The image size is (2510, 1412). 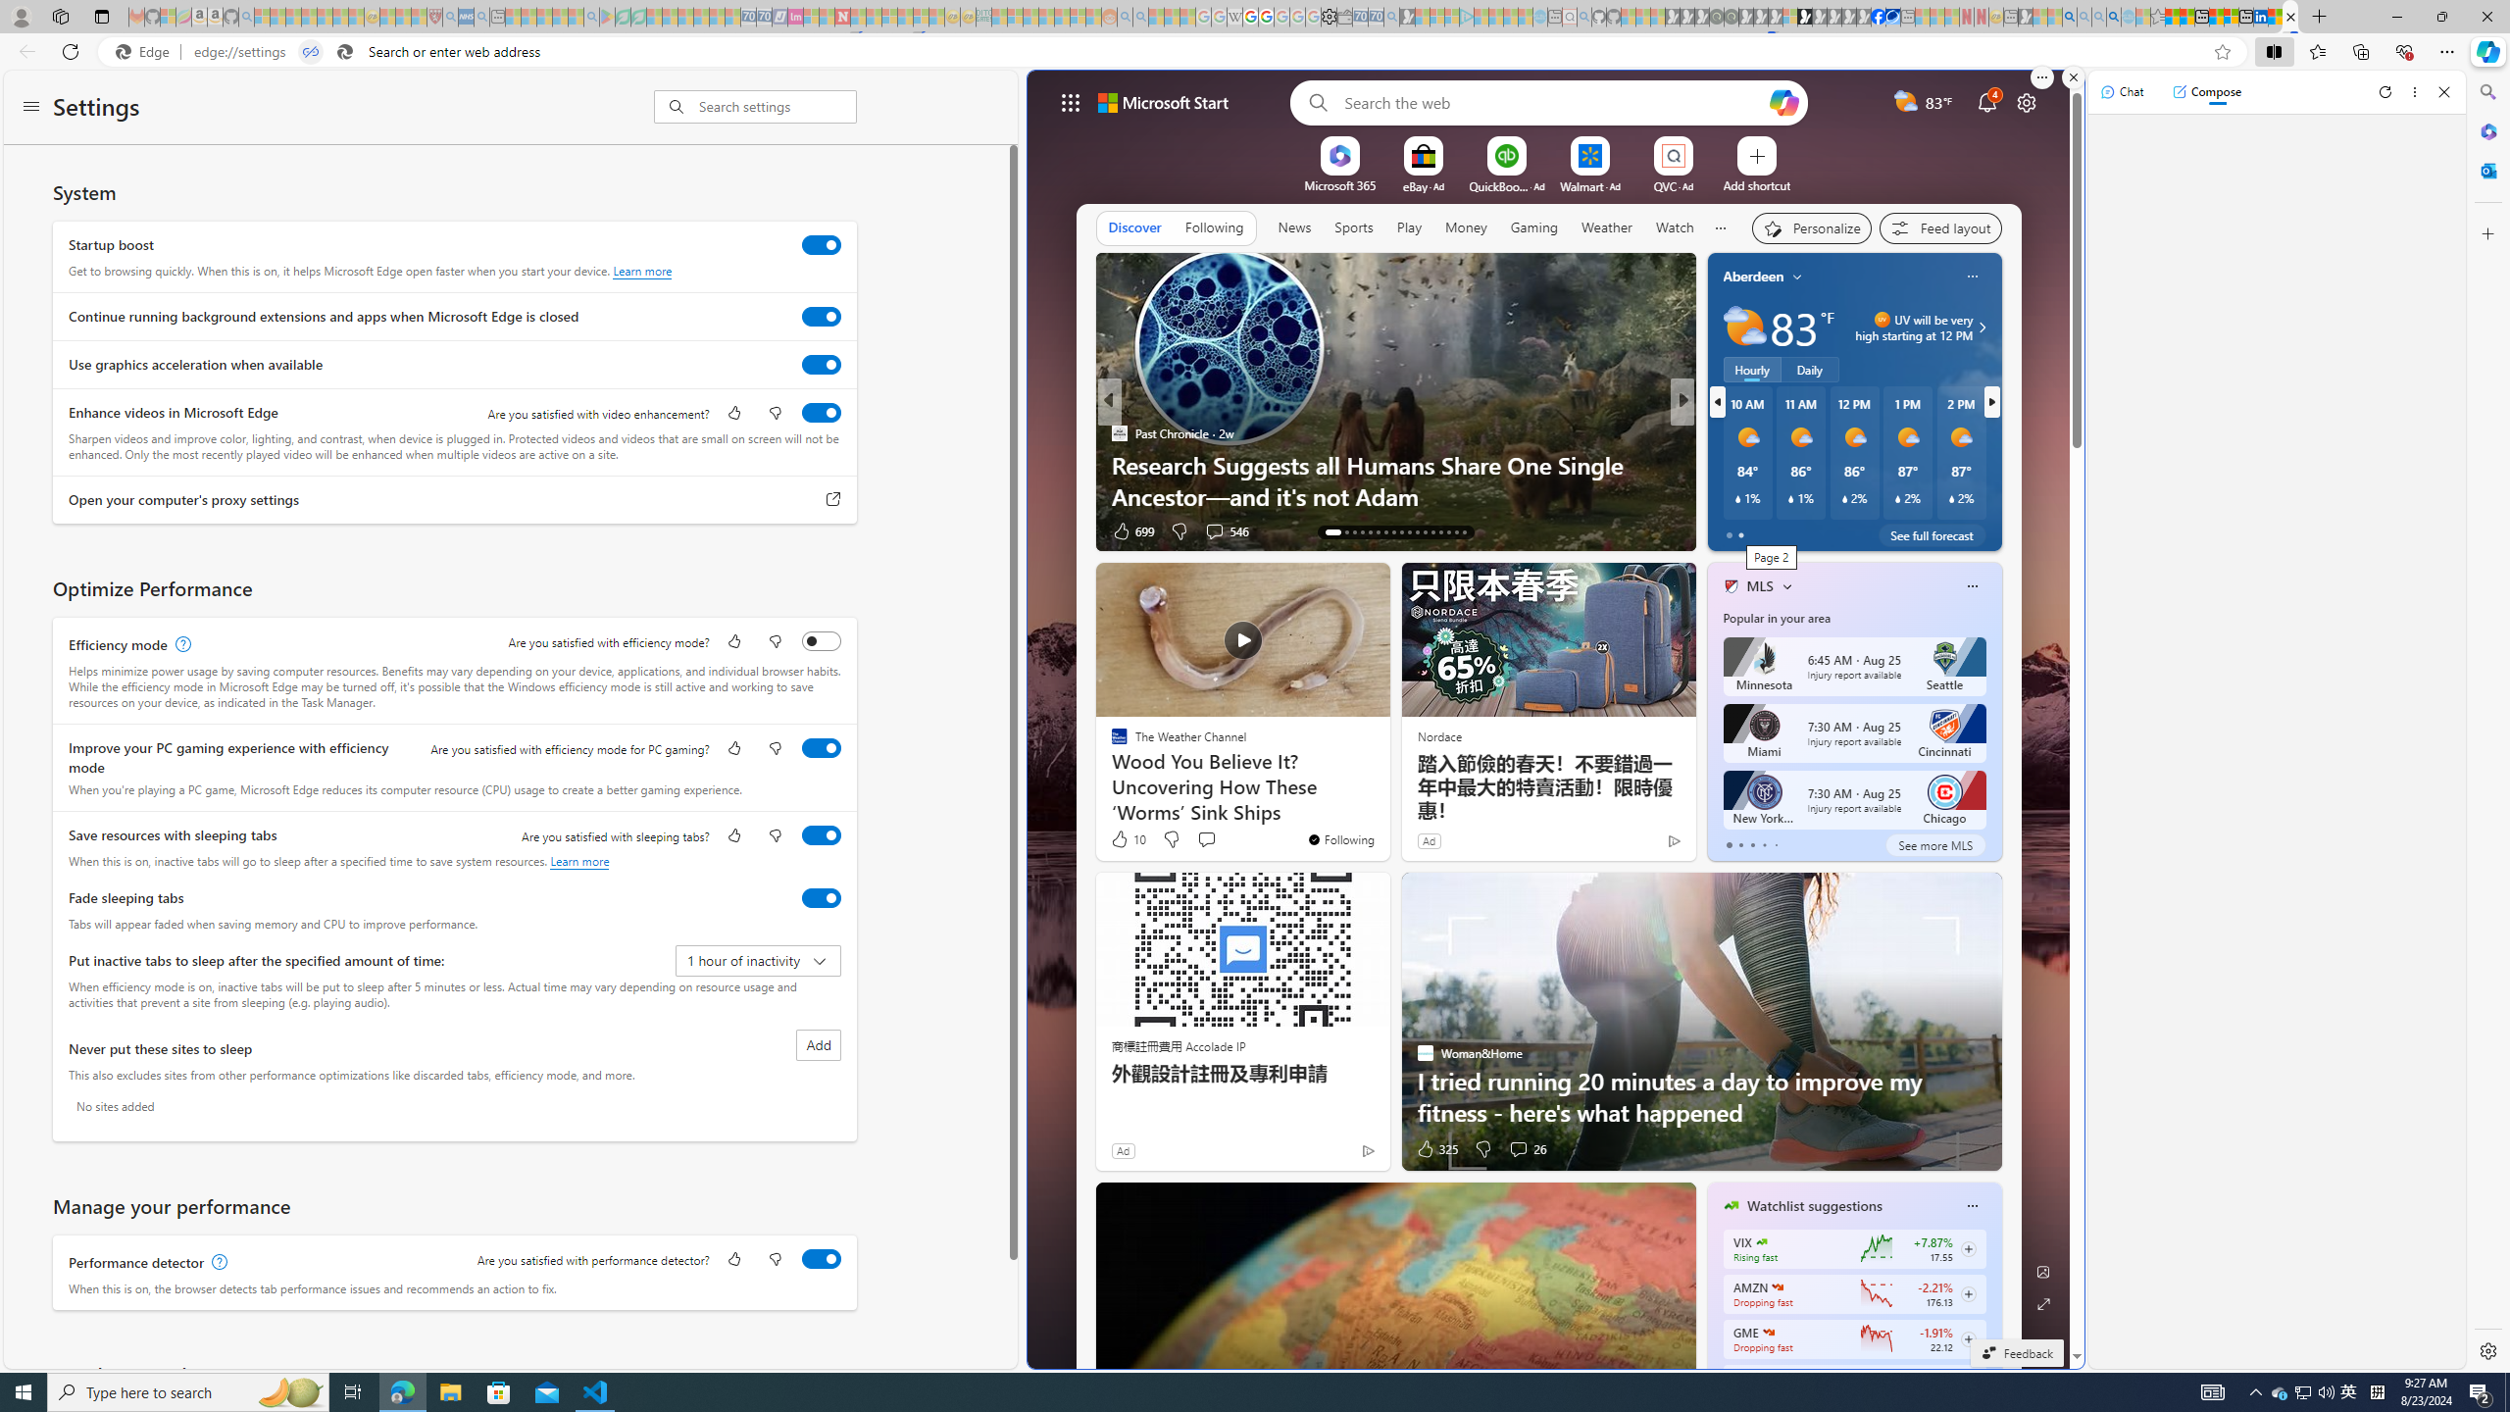 What do you see at coordinates (1814, 1205) in the screenshot?
I see `'Watchlist suggestions'` at bounding box center [1814, 1205].